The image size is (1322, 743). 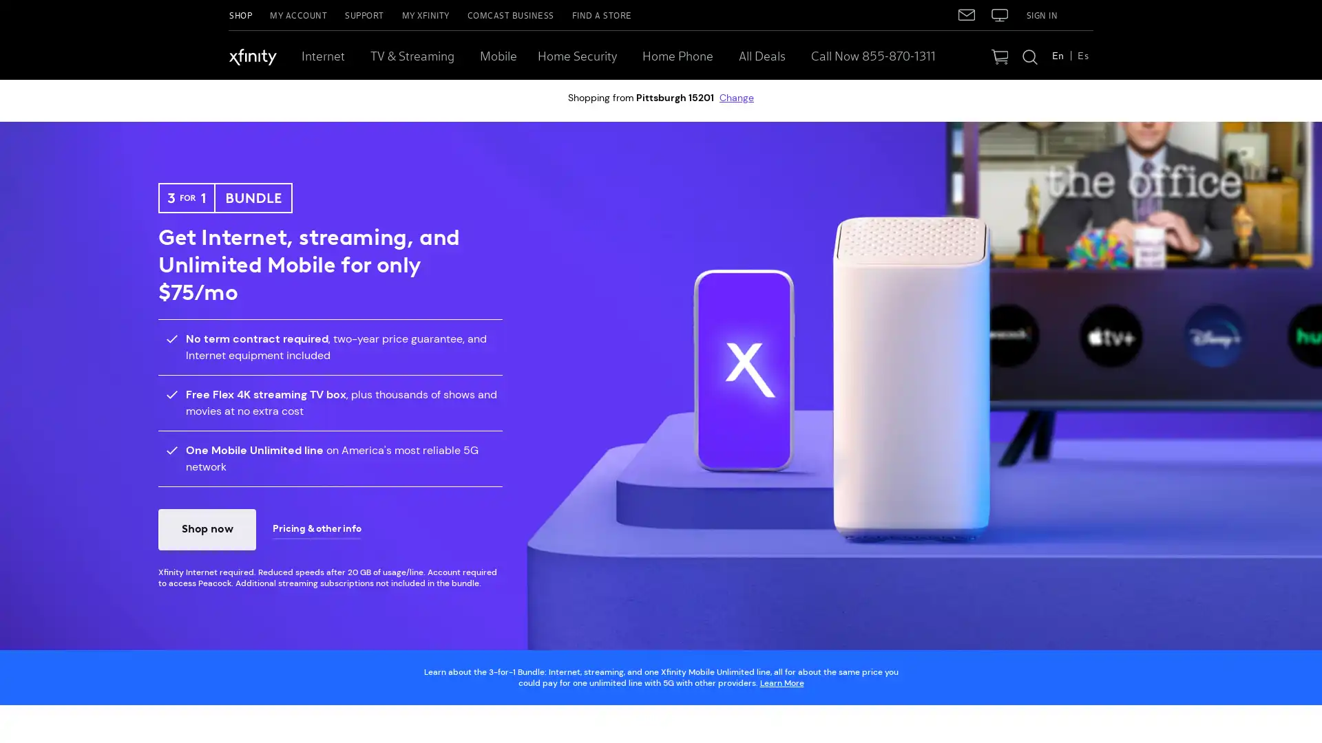 What do you see at coordinates (354, 53) in the screenshot?
I see `Internet, more links` at bounding box center [354, 53].